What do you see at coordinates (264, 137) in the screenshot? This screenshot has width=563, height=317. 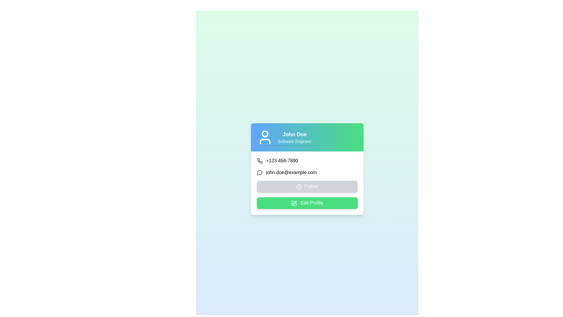 I see `the user profile icon located in the top-left corner of the user information card, to the left of the name 'John Doe'` at bounding box center [264, 137].